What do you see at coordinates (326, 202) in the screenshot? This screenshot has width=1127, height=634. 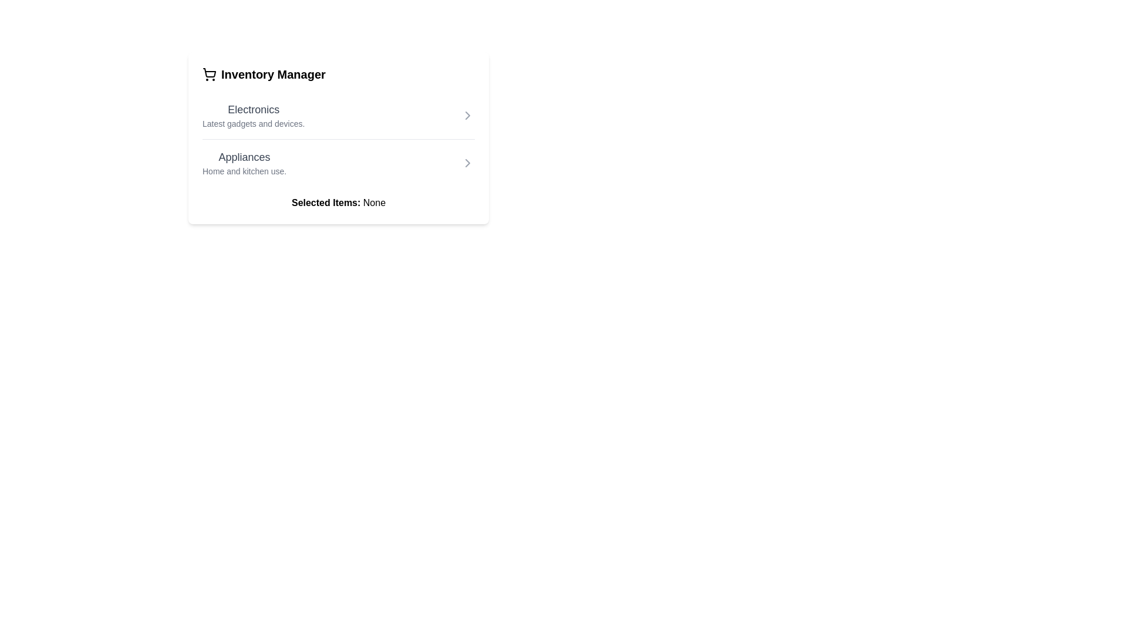 I see `the Text Label that specifies the section for displaying selected items, which reads 'None' and is located beneath the 'Electronics' and 'Appliances' sections` at bounding box center [326, 202].